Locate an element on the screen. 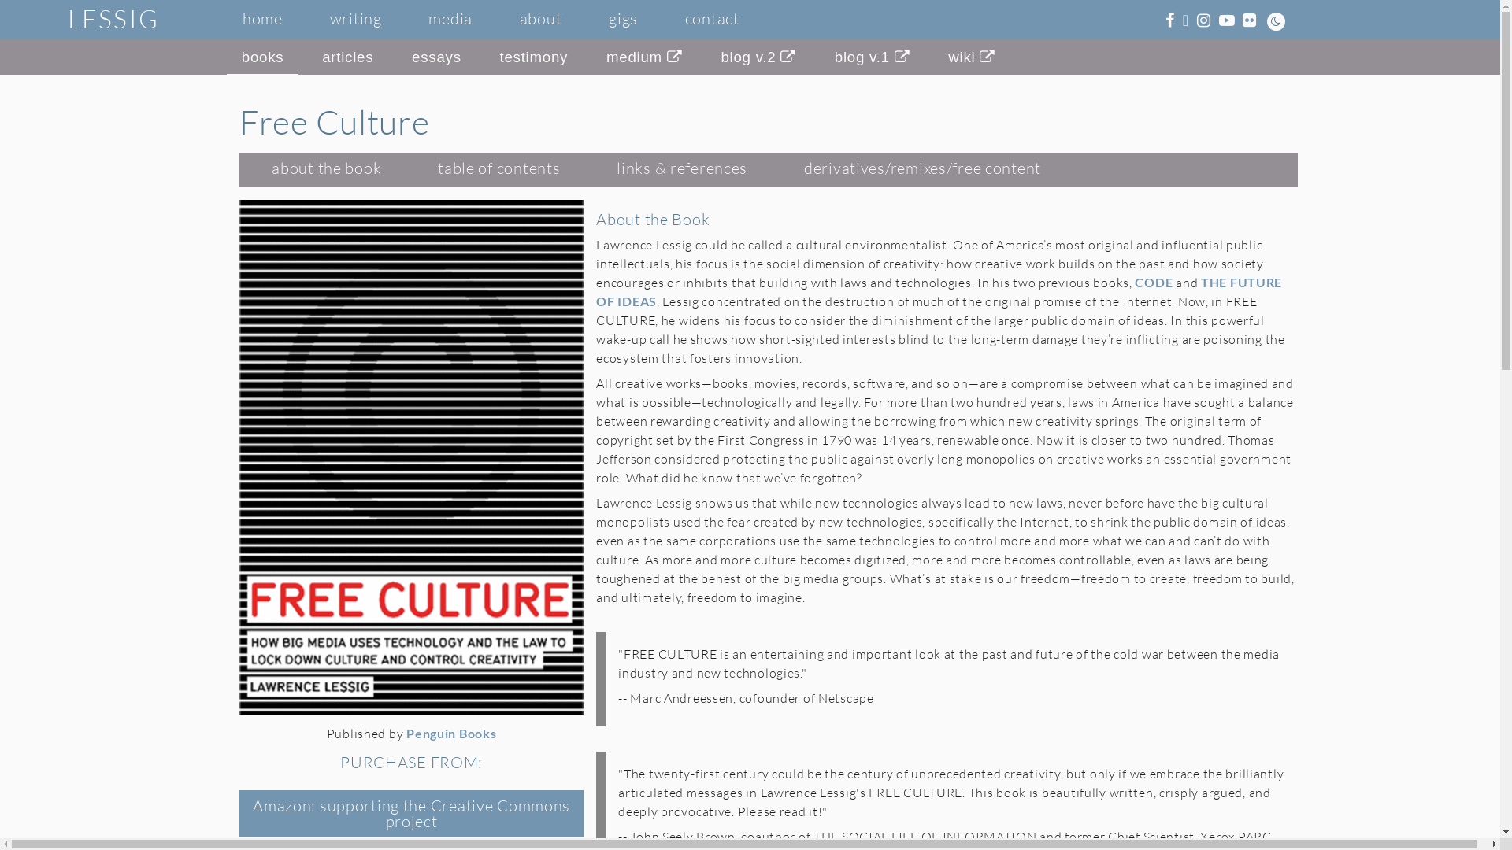 The image size is (1512, 850). 'dark mode' is located at coordinates (1276, 21).